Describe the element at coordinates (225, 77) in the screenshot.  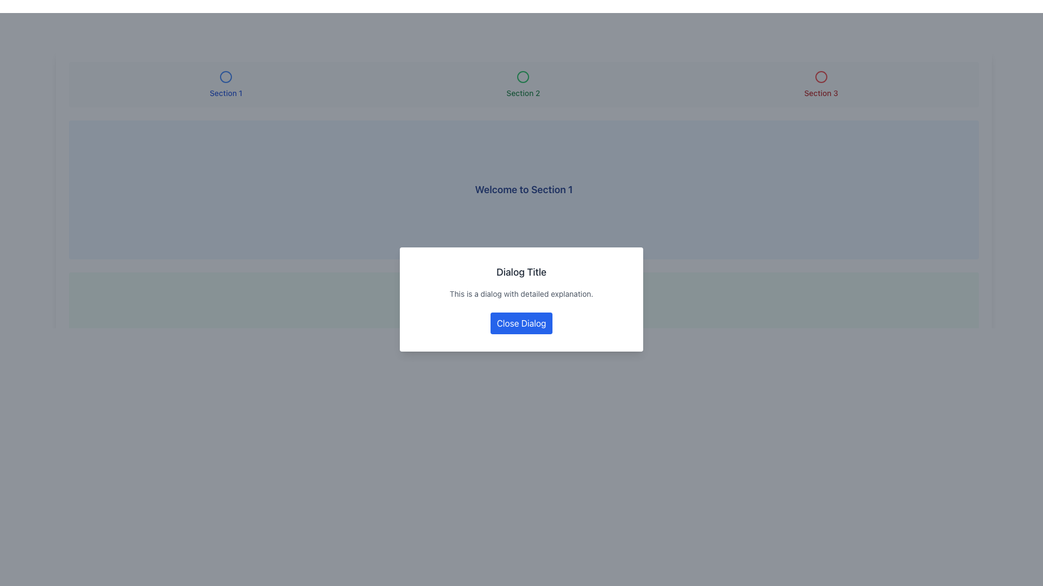
I see `the visual feedback of the icon representing 'Section 1', located above the text label in the first section of a horizontally aligned layout` at that location.